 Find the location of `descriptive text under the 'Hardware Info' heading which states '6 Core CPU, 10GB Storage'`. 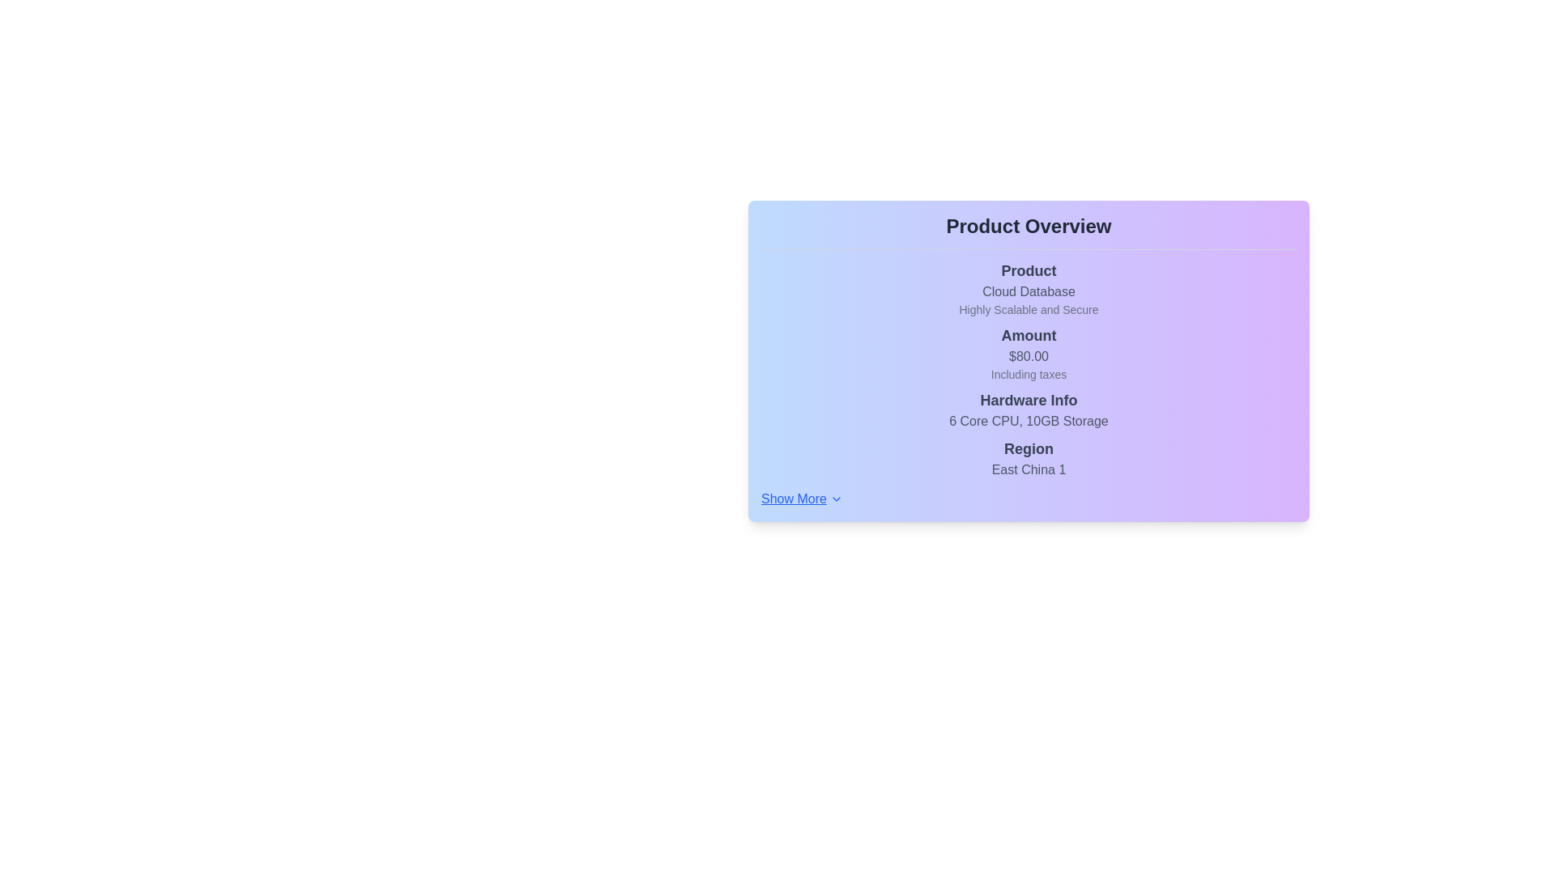

descriptive text under the 'Hardware Info' heading which states '6 Core CPU, 10GB Storage' is located at coordinates (1028, 409).